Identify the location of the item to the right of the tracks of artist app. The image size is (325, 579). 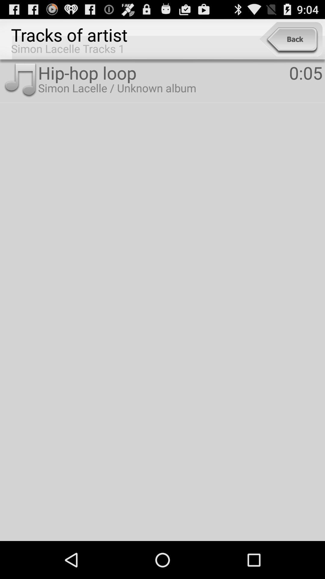
(290, 39).